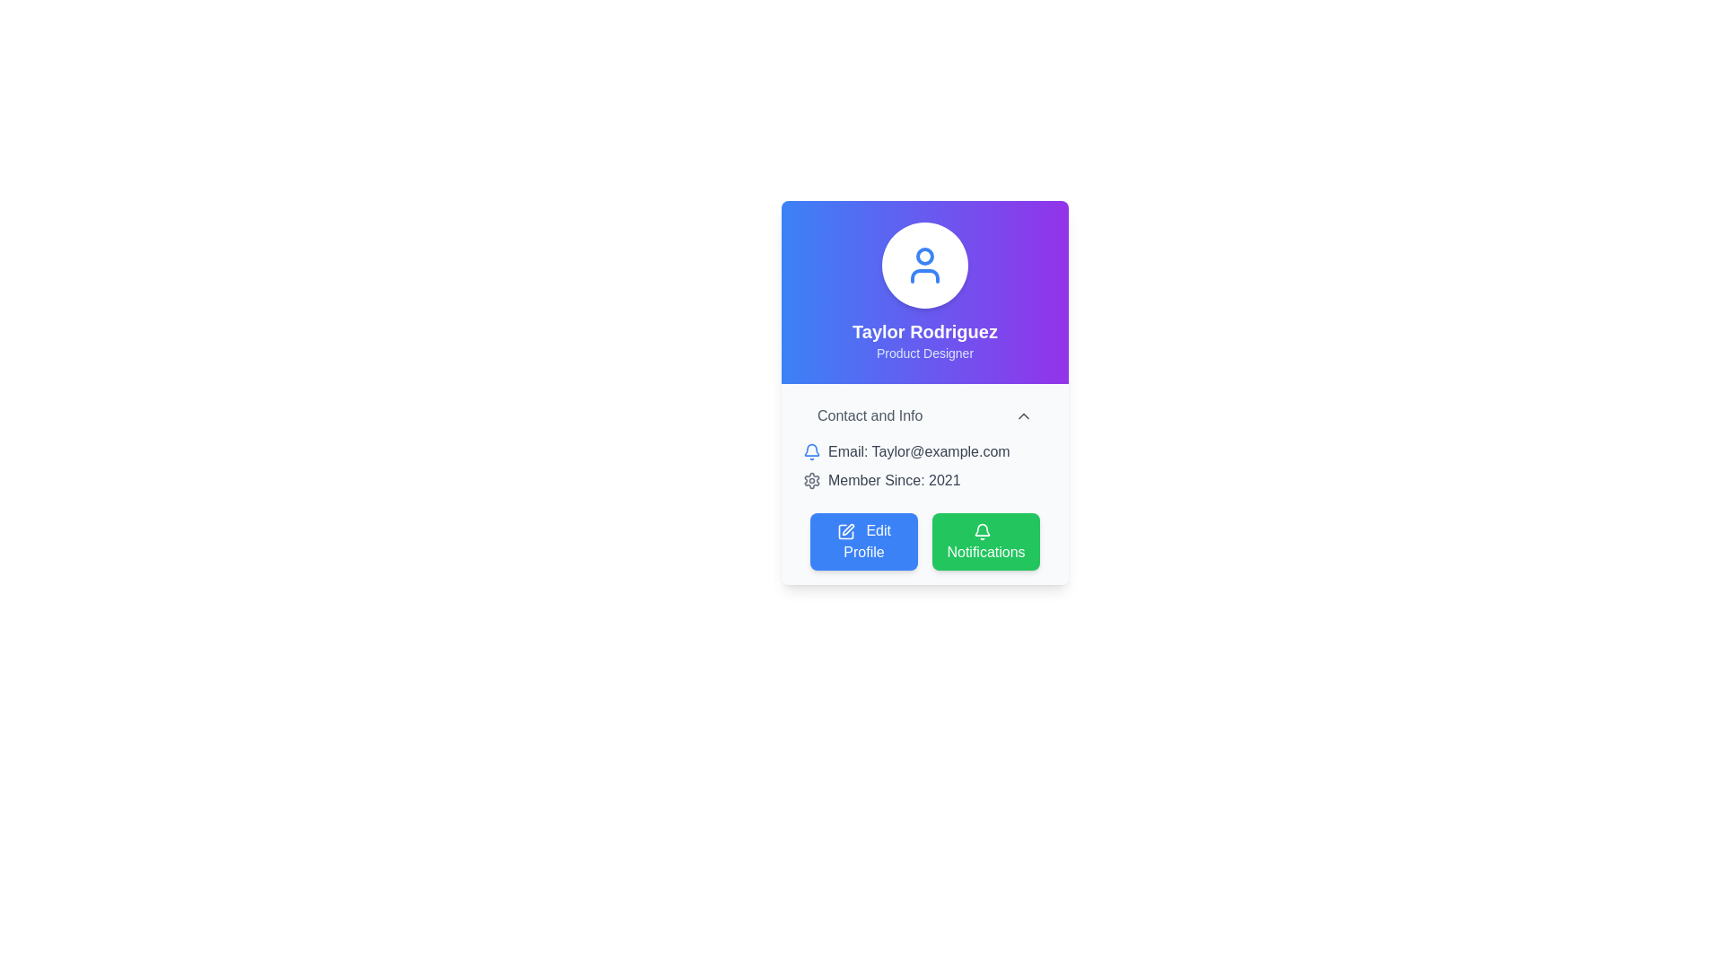 Image resolution: width=1723 pixels, height=969 pixels. Describe the element at coordinates (811, 480) in the screenshot. I see `the gear-shaped icon located in the bottom-right section of the interface` at that location.